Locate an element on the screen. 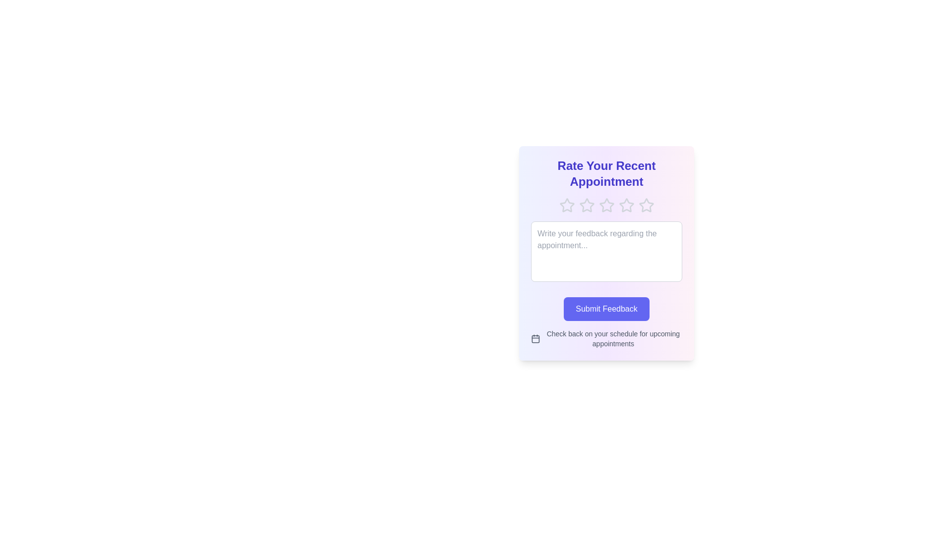  the star corresponding to 2 to preview the rating is located at coordinates (587, 205).